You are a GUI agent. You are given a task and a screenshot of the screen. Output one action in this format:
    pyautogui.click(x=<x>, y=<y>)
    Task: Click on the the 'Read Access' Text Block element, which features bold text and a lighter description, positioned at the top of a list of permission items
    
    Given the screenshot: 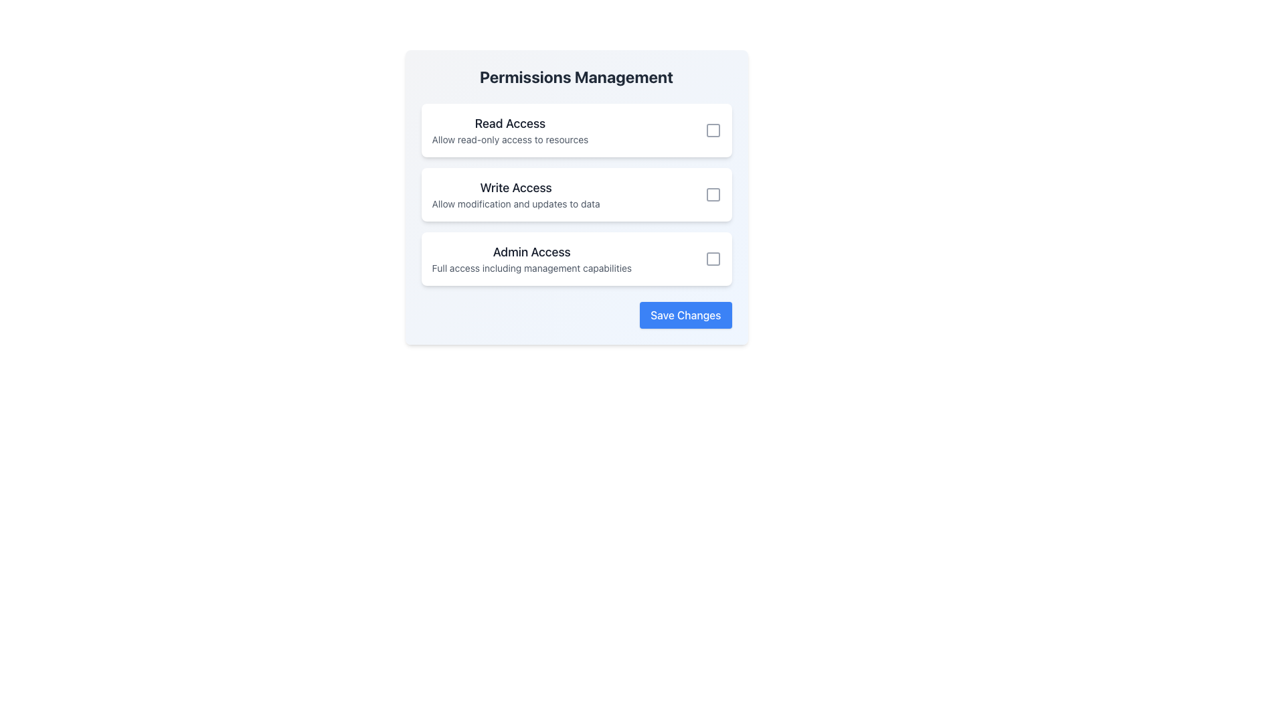 What is the action you would take?
    pyautogui.click(x=509, y=131)
    